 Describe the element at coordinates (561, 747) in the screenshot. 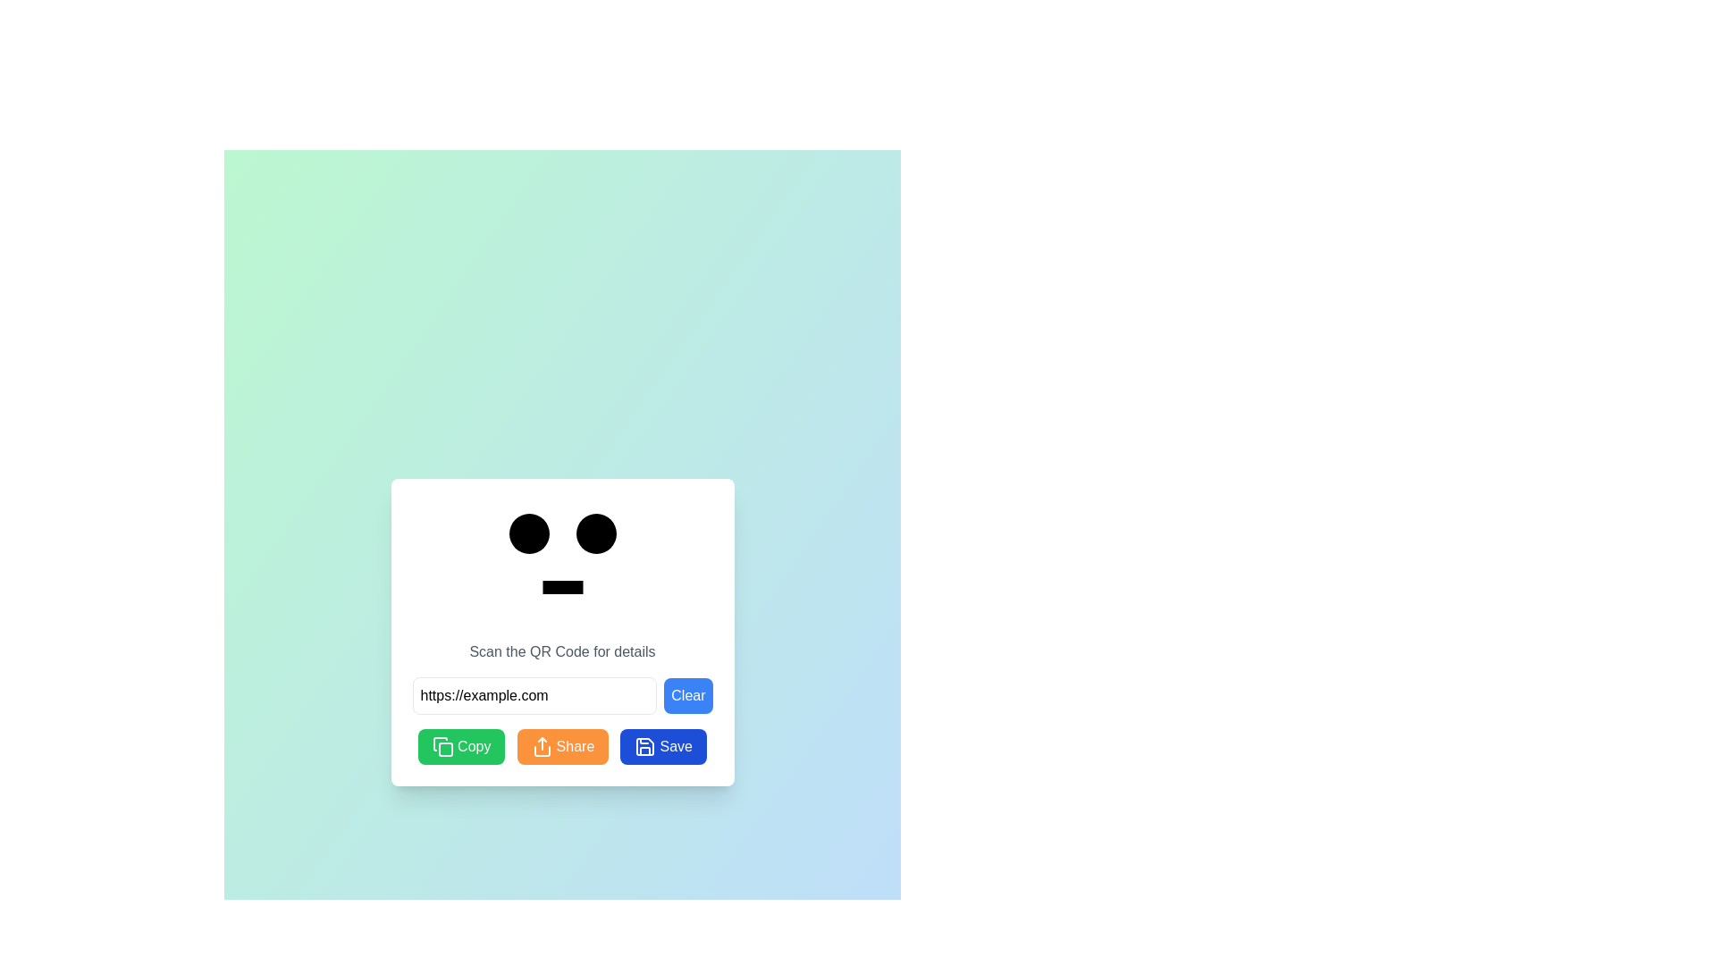

I see `the 'Share' button, which is the middle button in a group of three interactive buttons labeled 'Copy', 'Share', and 'Save', located at the bottom of the card-like area below the text field input` at that location.